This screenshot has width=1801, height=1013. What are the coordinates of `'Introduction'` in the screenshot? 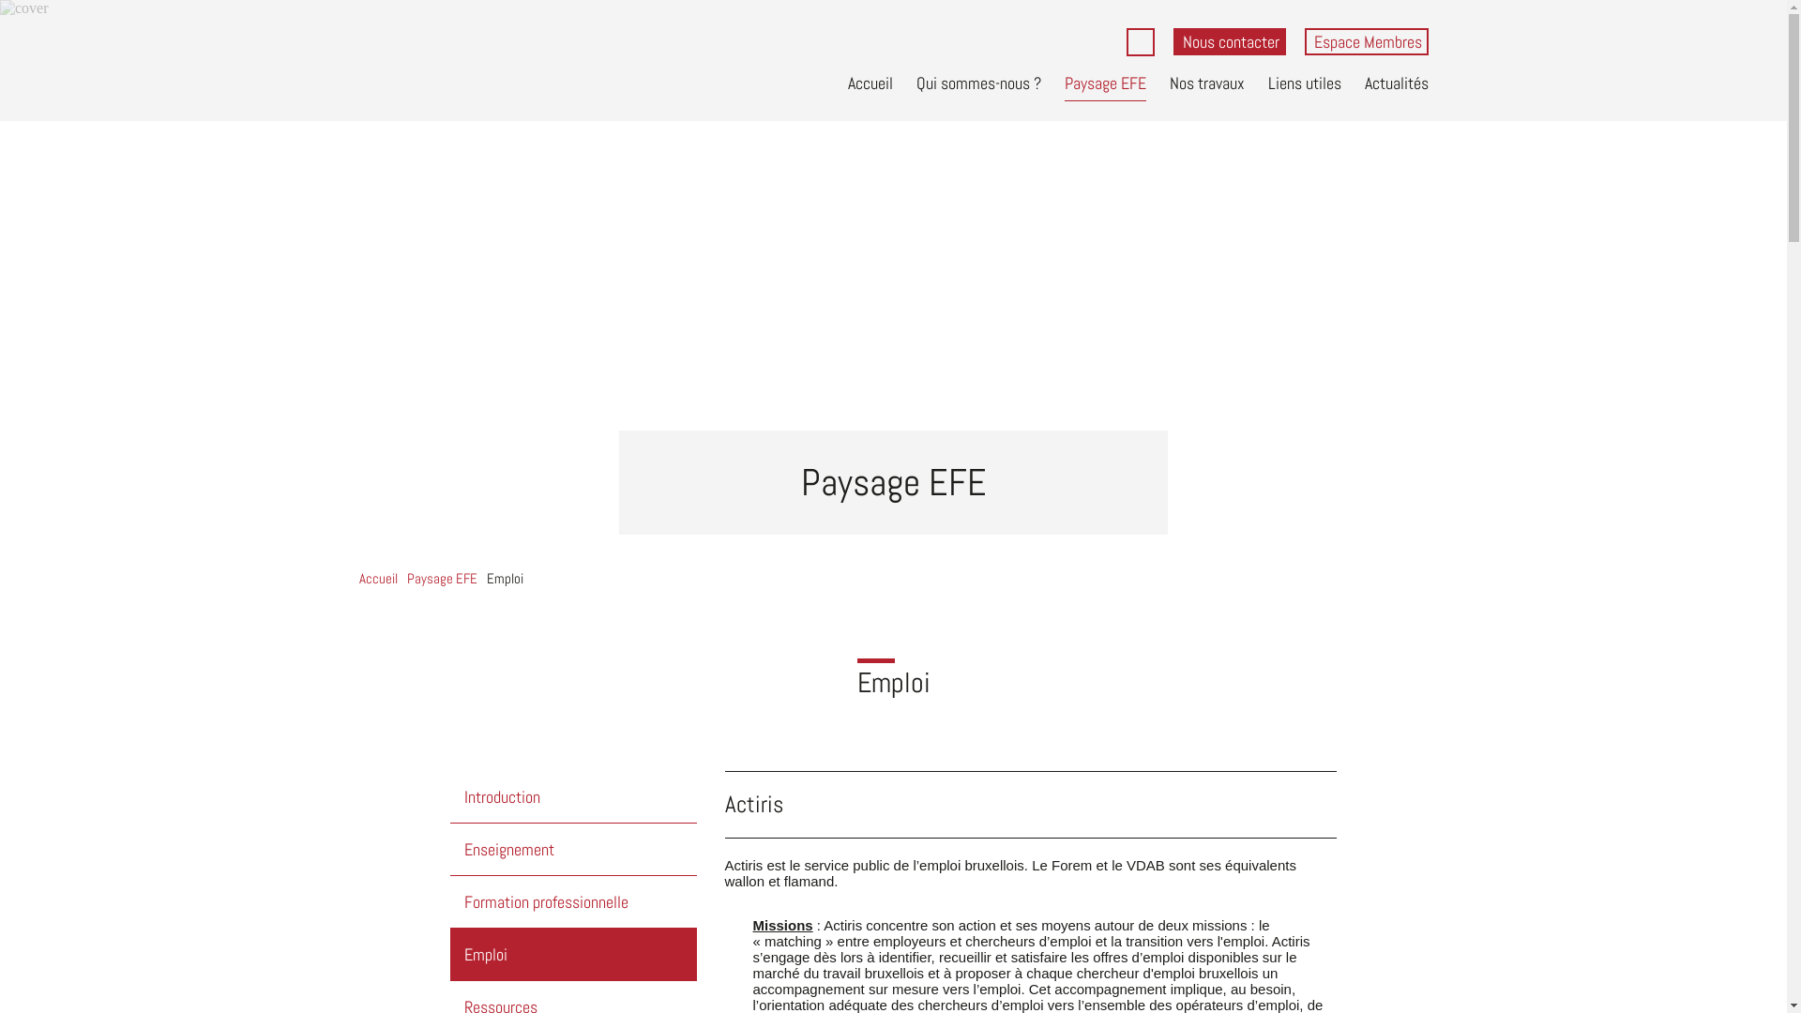 It's located at (450, 796).